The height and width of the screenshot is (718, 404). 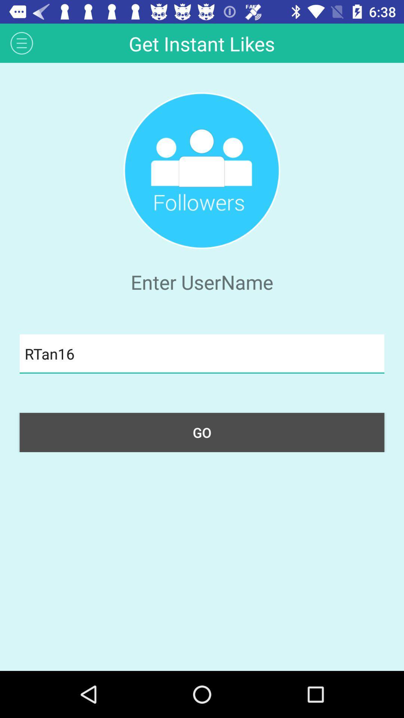 I want to click on go item, so click(x=202, y=432).